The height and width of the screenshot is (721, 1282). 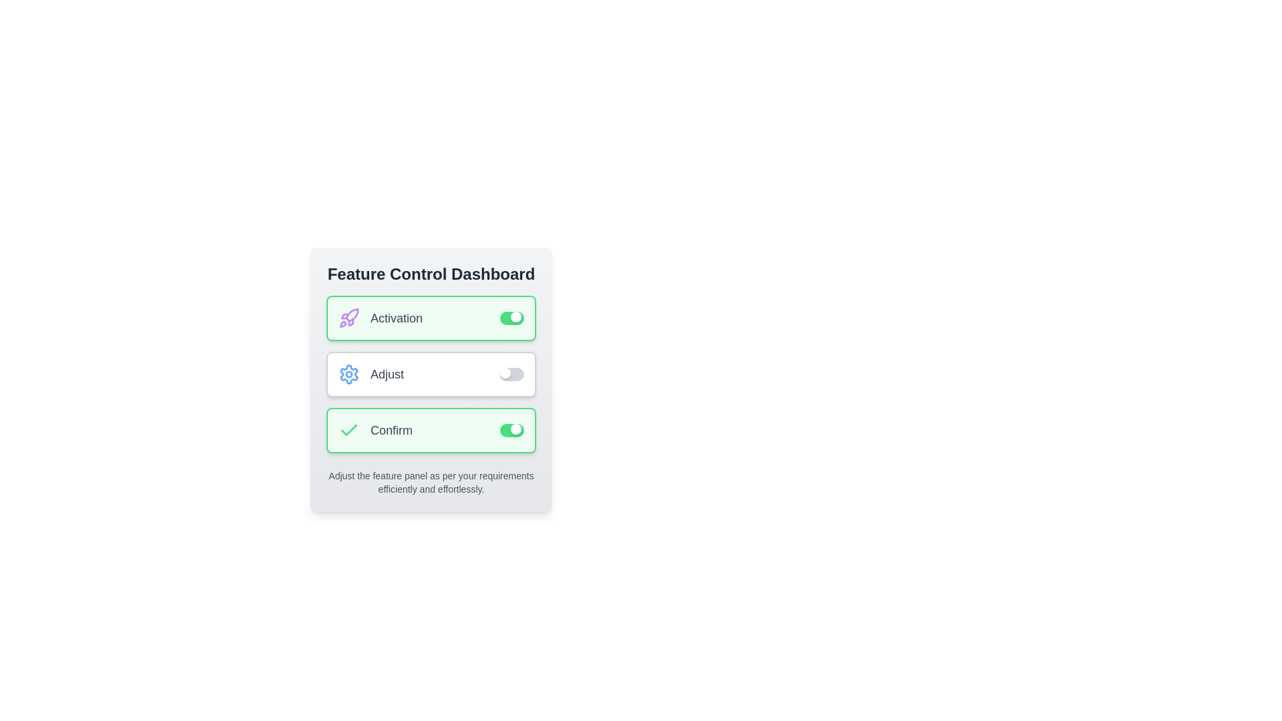 I want to click on the 'Adjust' button to toggle its state, so click(x=431, y=374).